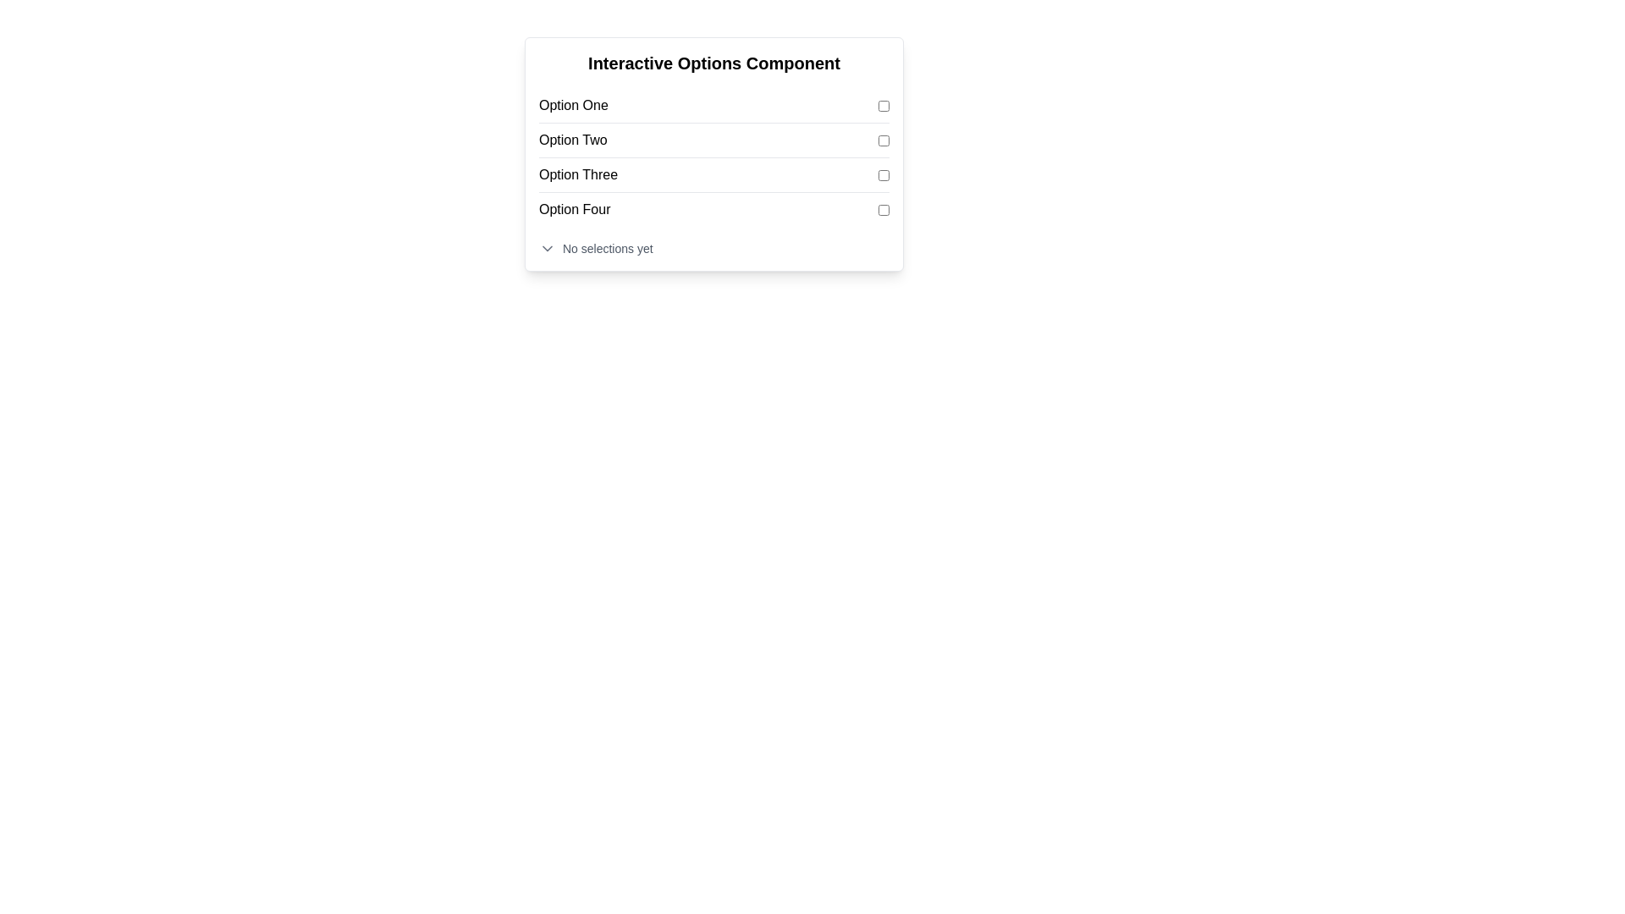 The height and width of the screenshot is (914, 1625). I want to click on the 'Option One' label text in the 'Interactive Options Component', which is the first item in a vertical list of options, so click(573, 105).